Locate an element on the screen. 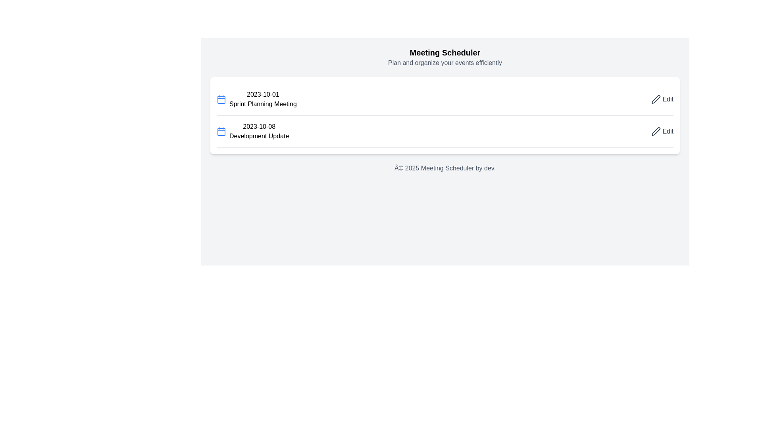 The height and width of the screenshot is (428, 762). the calendar icon with a blue-border design located to the left of the text '2023-10-08 Development Update' is located at coordinates (221, 131).